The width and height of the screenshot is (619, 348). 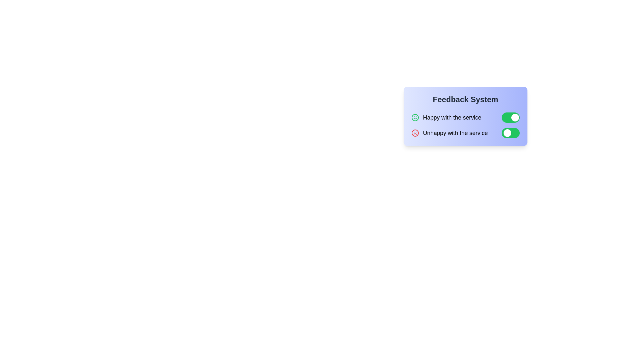 I want to click on the toggle switch with a green background and white circle indicating the 'off' state, located to the right of the text 'Unhappy with the service', so click(x=510, y=132).